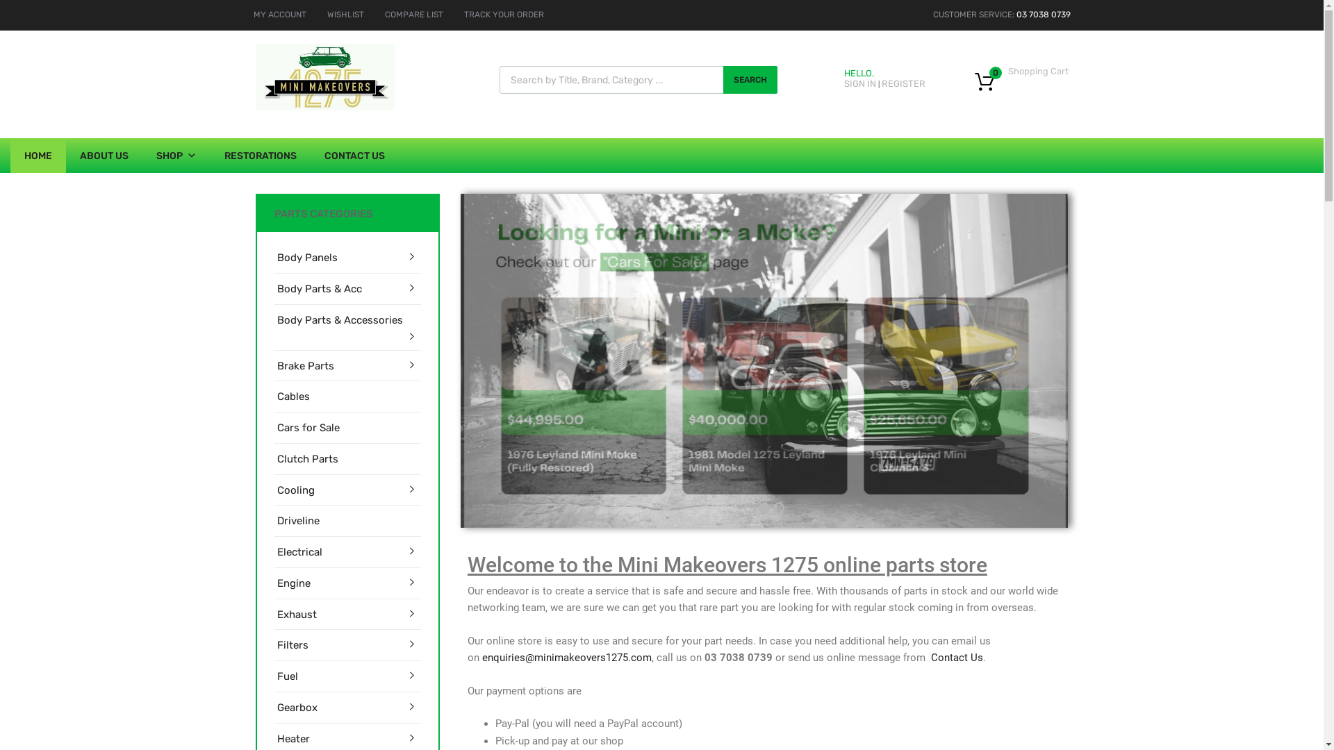  What do you see at coordinates (296, 708) in the screenshot?
I see `'Gearbox'` at bounding box center [296, 708].